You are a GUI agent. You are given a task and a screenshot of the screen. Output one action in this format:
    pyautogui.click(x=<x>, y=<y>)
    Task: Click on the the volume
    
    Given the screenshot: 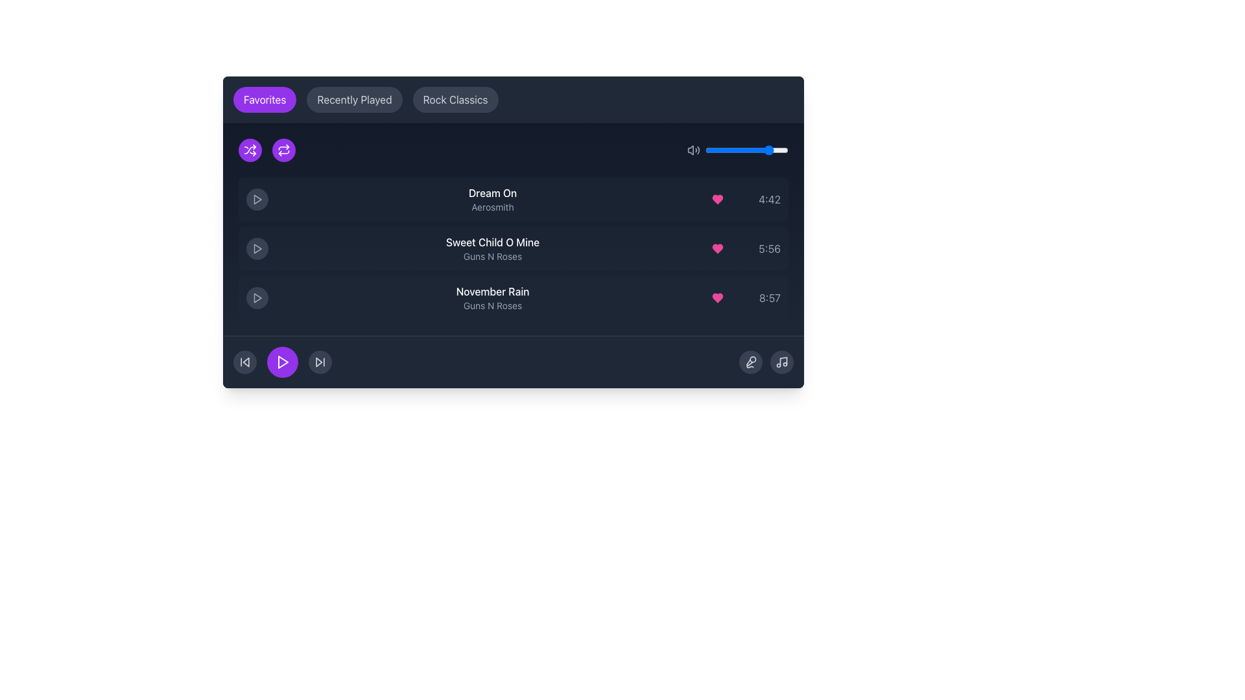 What is the action you would take?
    pyautogui.click(x=750, y=149)
    